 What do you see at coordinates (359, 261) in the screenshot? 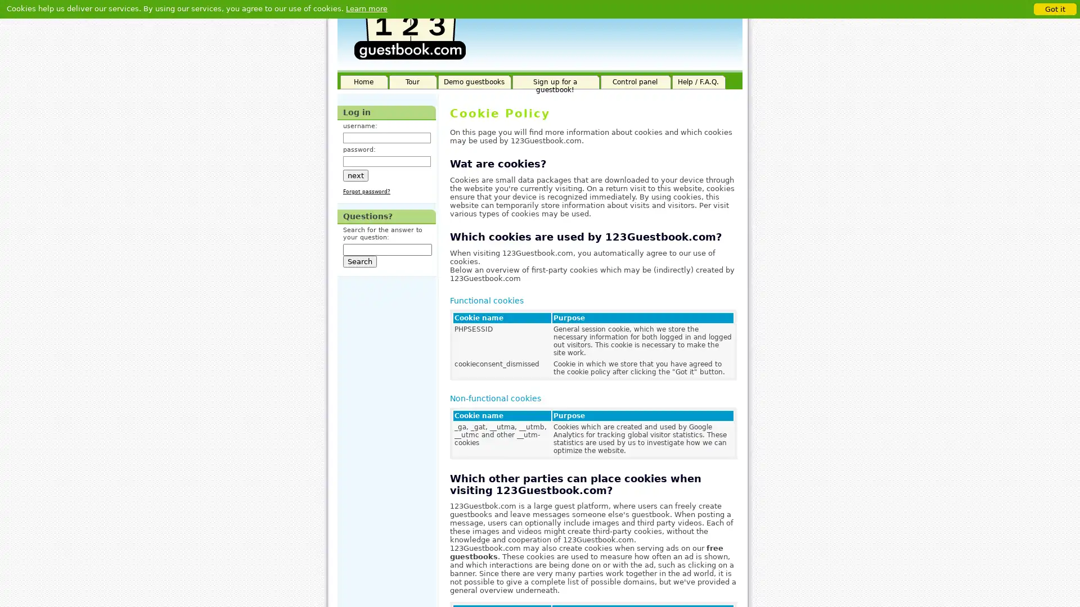
I see `Search` at bounding box center [359, 261].